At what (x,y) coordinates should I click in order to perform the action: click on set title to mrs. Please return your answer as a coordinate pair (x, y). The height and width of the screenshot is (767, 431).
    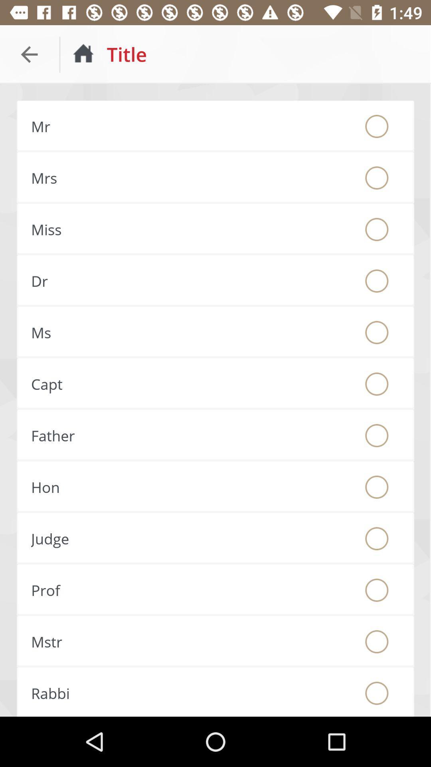
    Looking at the image, I should click on (377, 177).